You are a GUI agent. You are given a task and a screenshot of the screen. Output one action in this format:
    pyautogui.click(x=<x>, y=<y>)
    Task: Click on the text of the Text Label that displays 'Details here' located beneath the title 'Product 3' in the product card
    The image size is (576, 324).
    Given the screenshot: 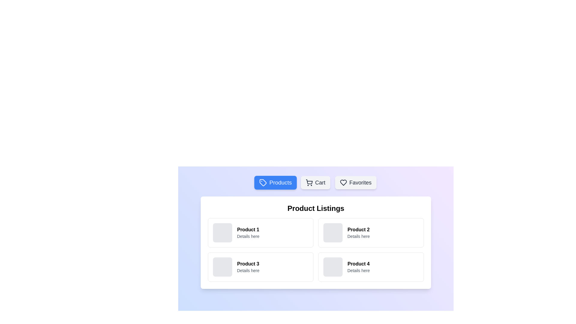 What is the action you would take?
    pyautogui.click(x=248, y=271)
    